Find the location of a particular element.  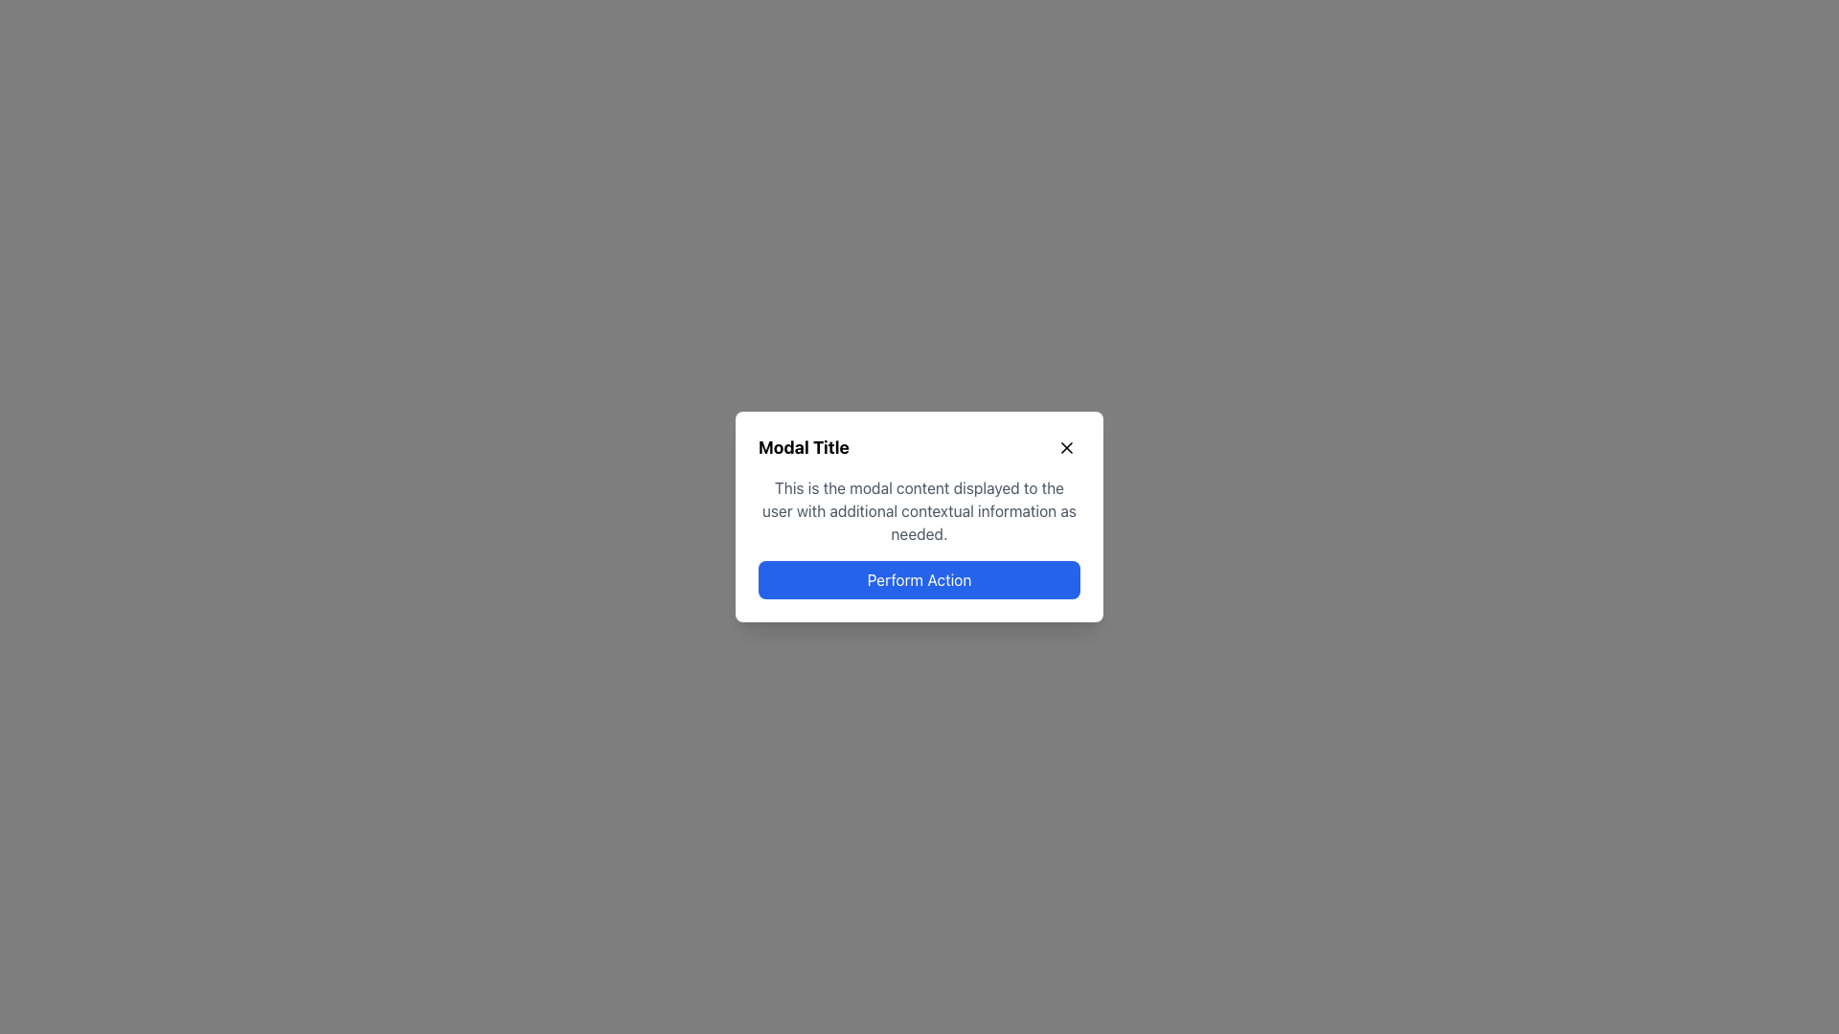

the close button located at the top-right corner of the modal dialog to trigger the hover effect is located at coordinates (1065, 447).